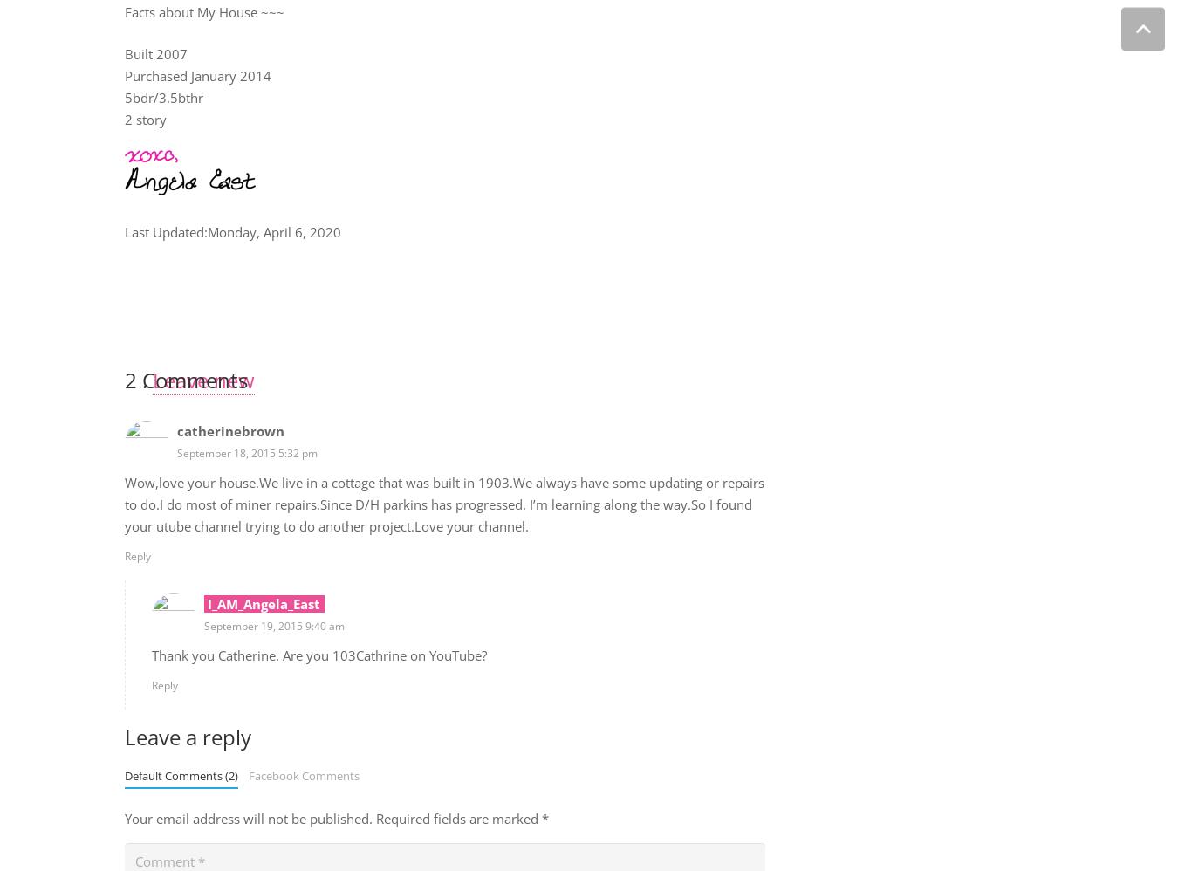 This screenshot has height=871, width=1178. I want to click on 'Your email address will not be published.', so click(247, 819).